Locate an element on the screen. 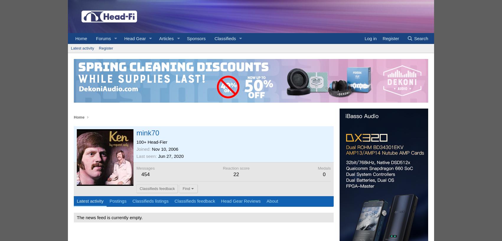 Image resolution: width=502 pixels, height=241 pixels. 'Articles' is located at coordinates (166, 38).